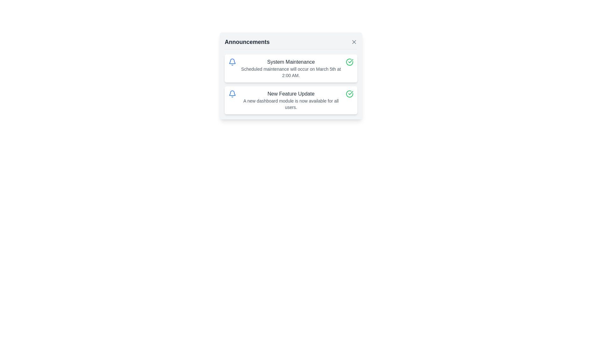 The width and height of the screenshot is (612, 344). Describe the element at coordinates (353, 42) in the screenshot. I see `the close button located in the top-right corner of the 'Announcements' header box to change its appearance` at that location.